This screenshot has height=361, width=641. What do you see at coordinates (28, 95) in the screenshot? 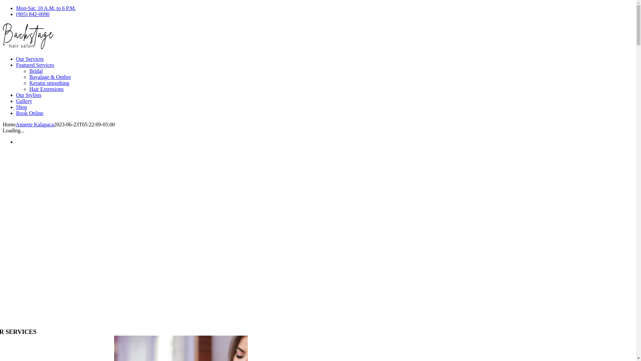
I see `'Our Stylists'` at bounding box center [28, 95].